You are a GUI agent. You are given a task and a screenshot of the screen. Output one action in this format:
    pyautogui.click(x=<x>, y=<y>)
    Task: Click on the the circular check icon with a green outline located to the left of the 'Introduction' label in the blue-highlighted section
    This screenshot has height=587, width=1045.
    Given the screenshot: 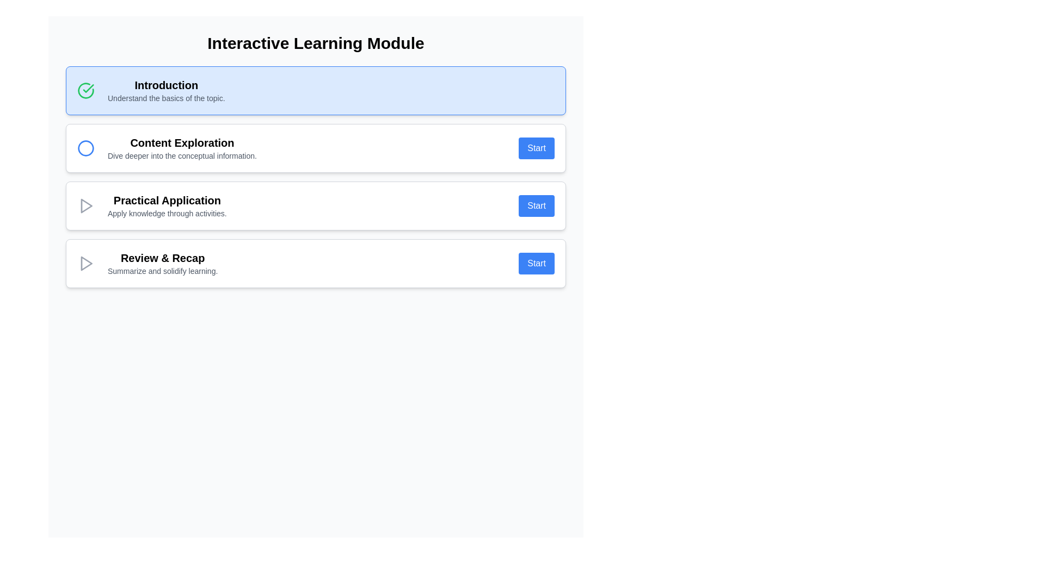 What is the action you would take?
    pyautogui.click(x=85, y=90)
    